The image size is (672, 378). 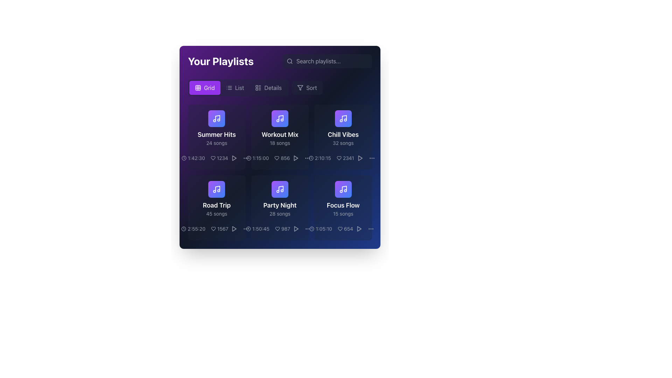 What do you see at coordinates (193, 229) in the screenshot?
I see `the text label displaying the time '2:55:20' in gray color, located at the bottom-left of the 'Road Trip' playlist entry, before the likes count ('1567')` at bounding box center [193, 229].